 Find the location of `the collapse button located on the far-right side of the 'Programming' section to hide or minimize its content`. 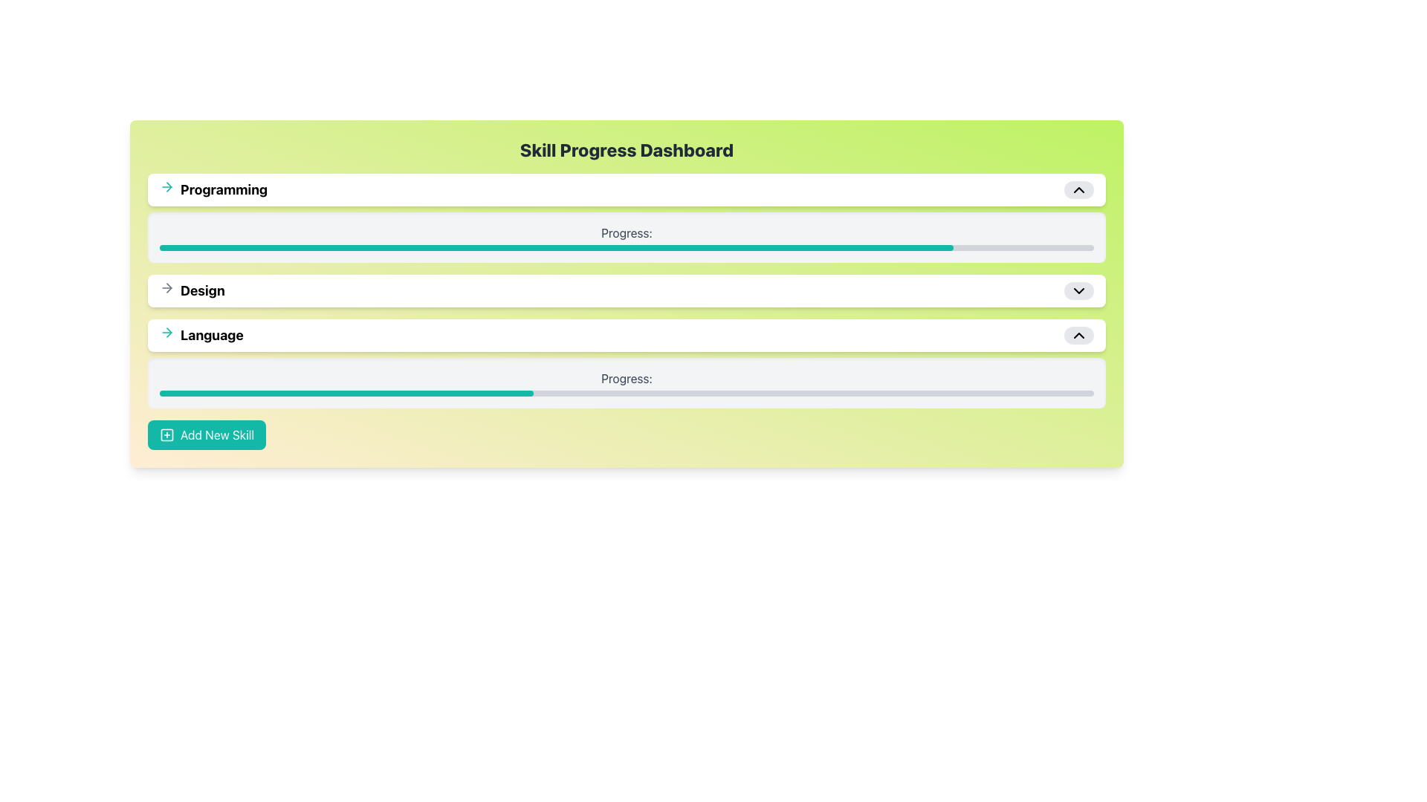

the collapse button located on the far-right side of the 'Programming' section to hide or minimize its content is located at coordinates (1078, 189).